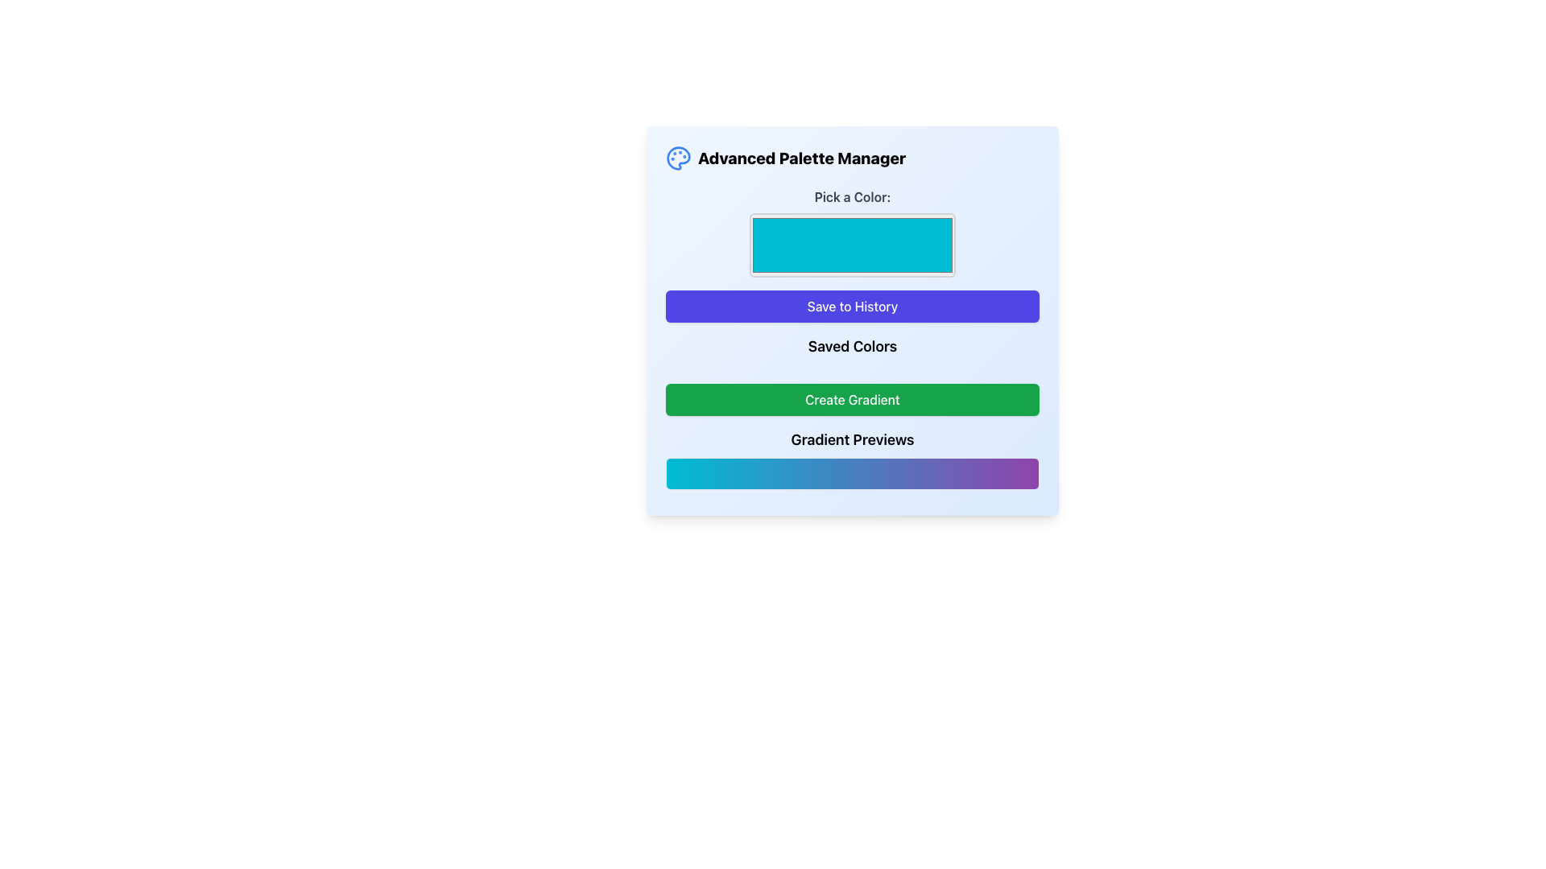  Describe the element at coordinates (786, 158) in the screenshot. I see `the header with icon and text indicating palette management` at that location.